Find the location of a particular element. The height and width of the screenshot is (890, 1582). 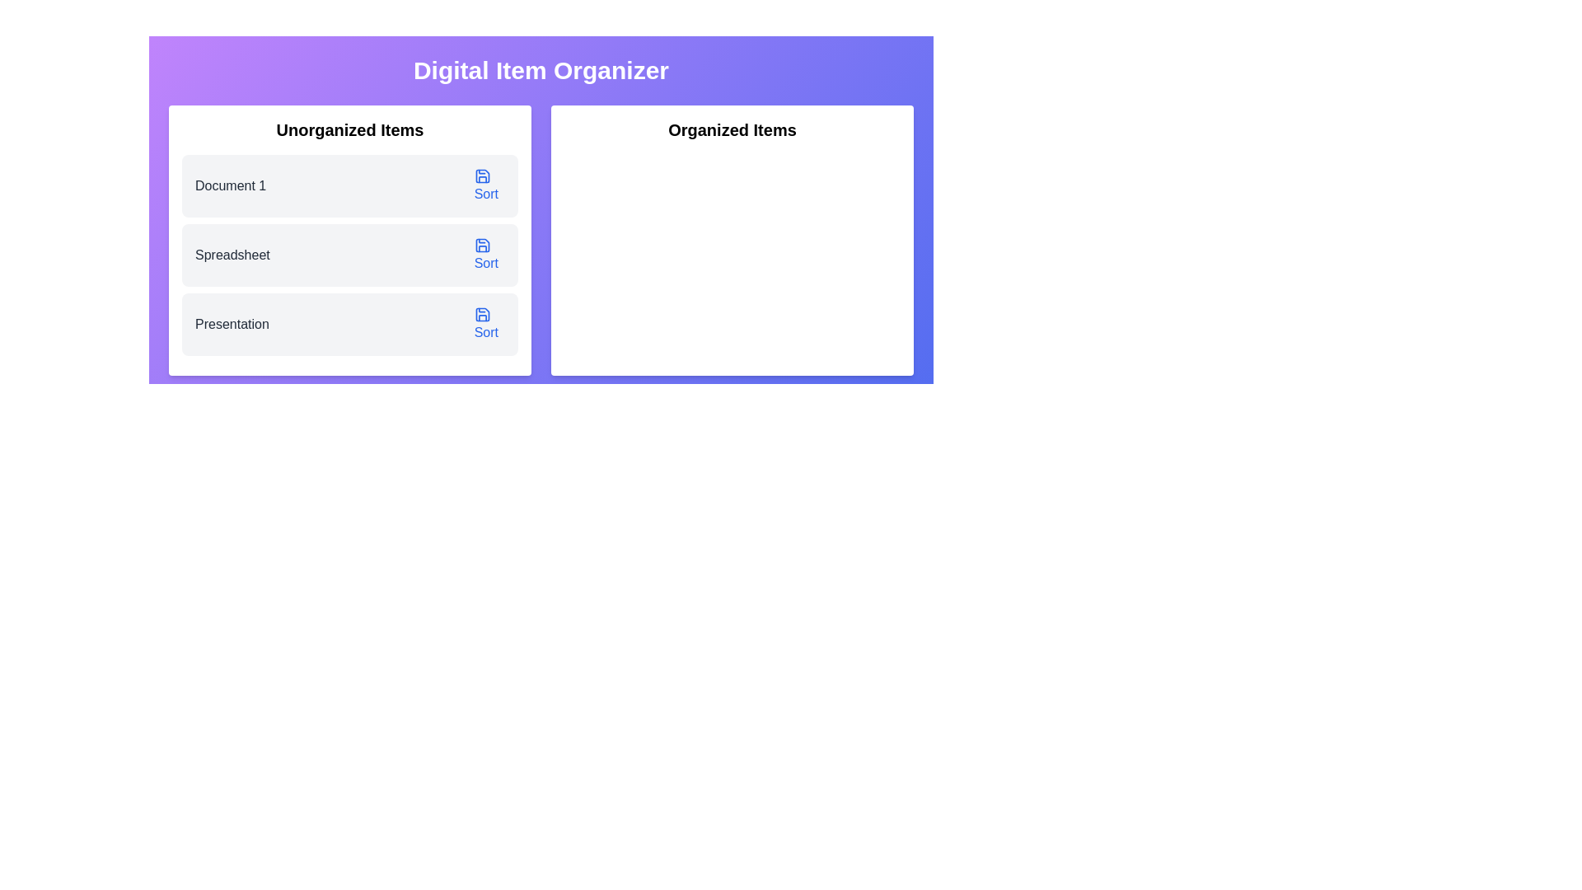

the interactive button associated with the 'Presentation' item in the 'Unorganized Items' section is located at coordinates (485, 324).